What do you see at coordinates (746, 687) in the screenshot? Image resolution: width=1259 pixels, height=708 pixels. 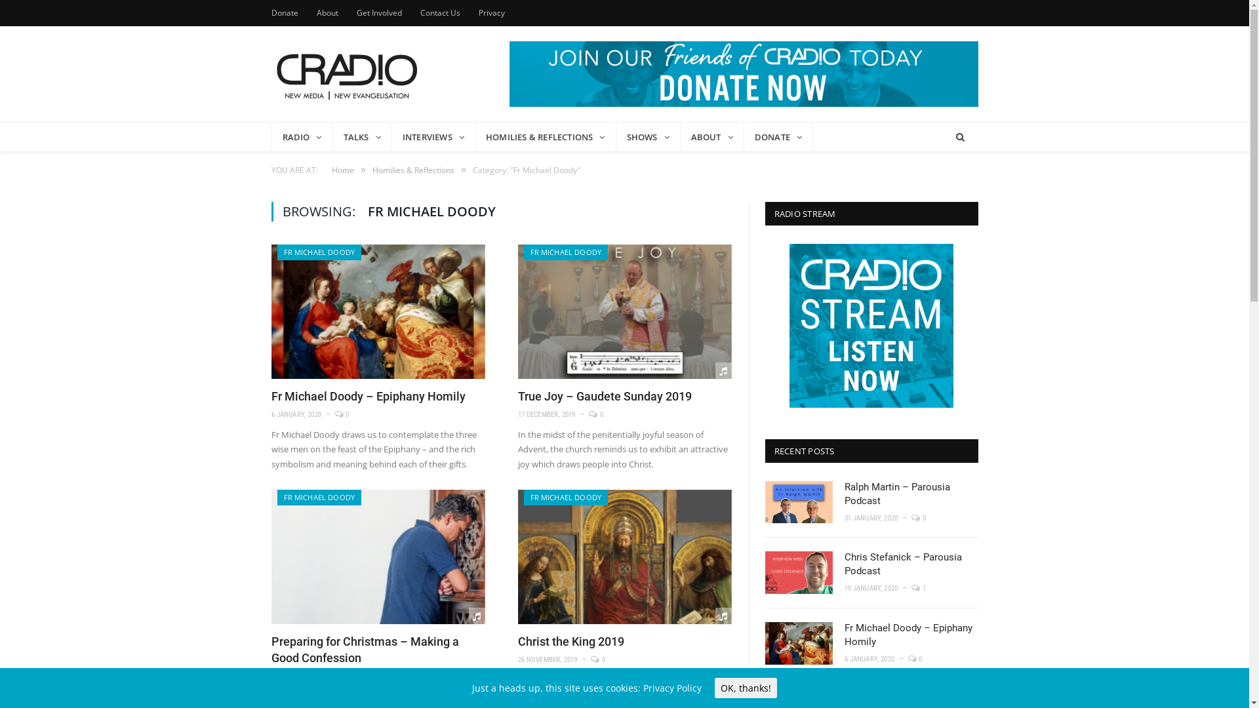 I see `'OK, thanks!'` at bounding box center [746, 687].